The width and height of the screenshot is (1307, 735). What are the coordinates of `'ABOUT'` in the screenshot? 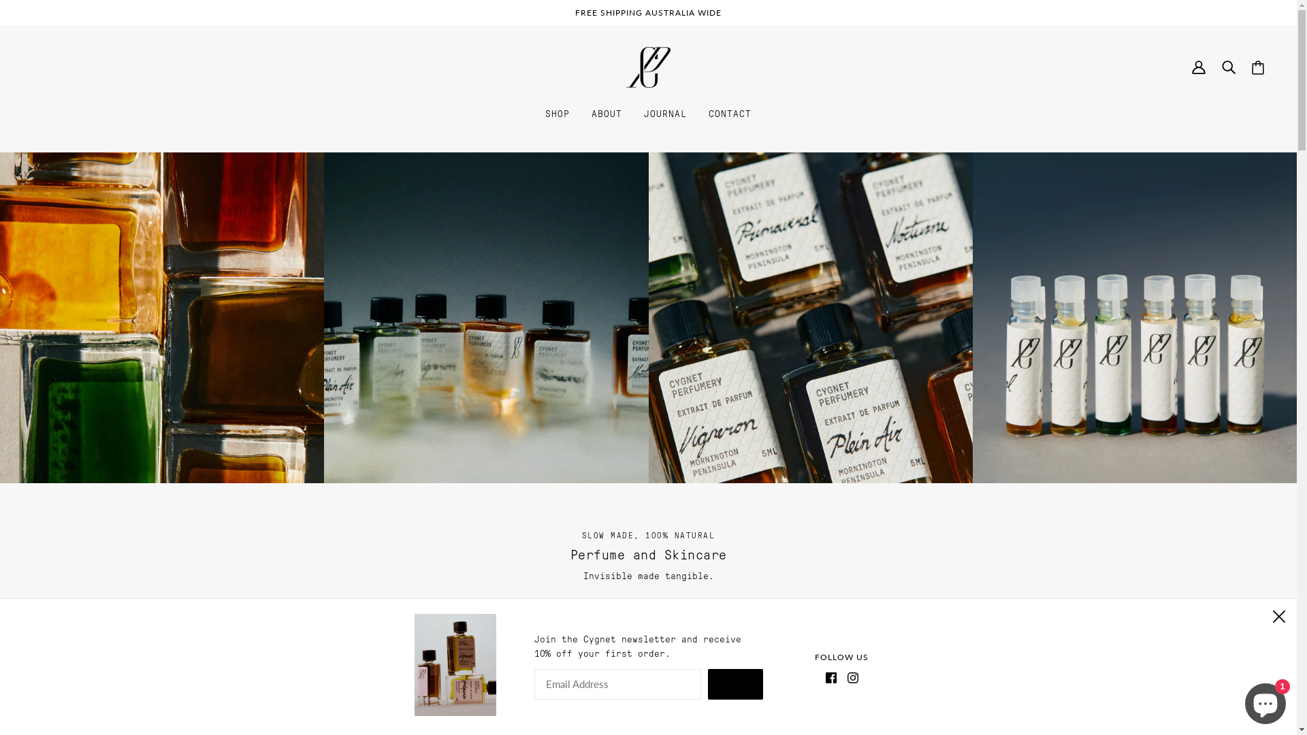 It's located at (606, 114).